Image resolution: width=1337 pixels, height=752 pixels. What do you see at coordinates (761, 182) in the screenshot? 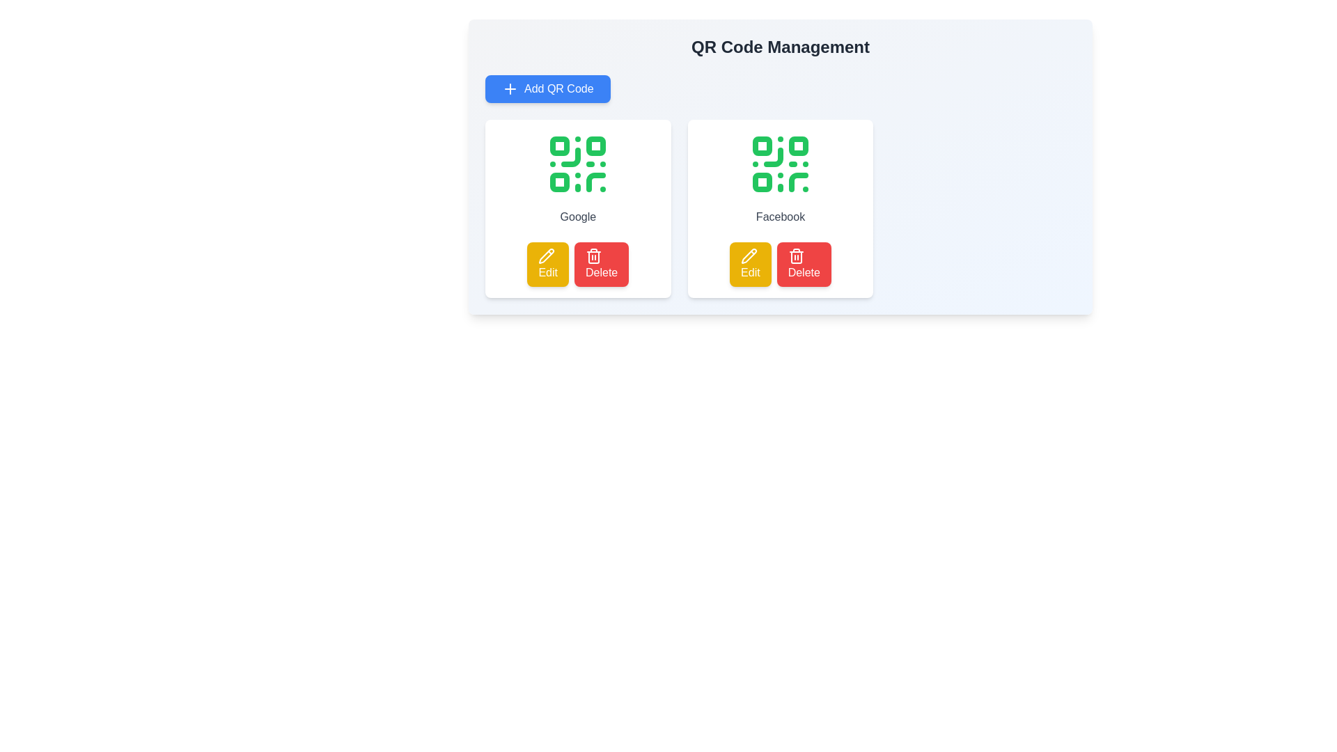
I see `the small green square with rounded corners located in the bottom-left quadrant of the right-most QR code icon` at bounding box center [761, 182].